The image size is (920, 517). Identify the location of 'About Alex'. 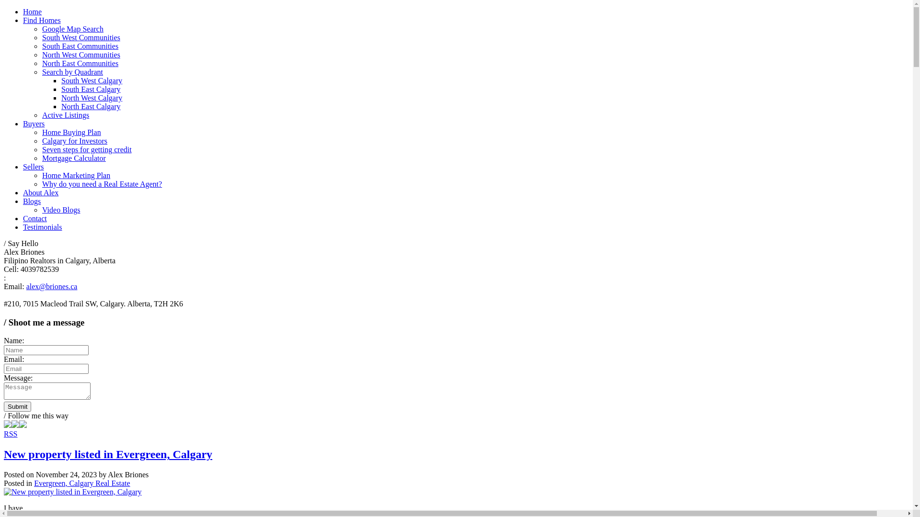
(40, 192).